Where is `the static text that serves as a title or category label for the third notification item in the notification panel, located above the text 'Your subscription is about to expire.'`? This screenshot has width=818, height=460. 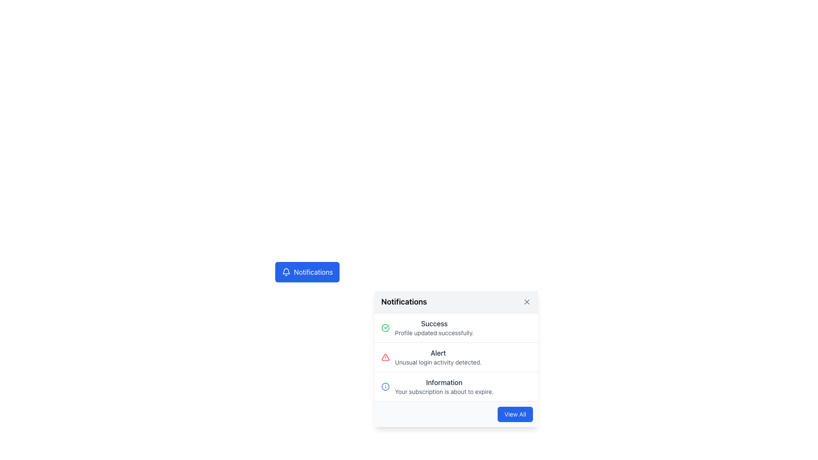 the static text that serves as a title or category label for the third notification item in the notification panel, located above the text 'Your subscription is about to expire.' is located at coordinates (444, 382).